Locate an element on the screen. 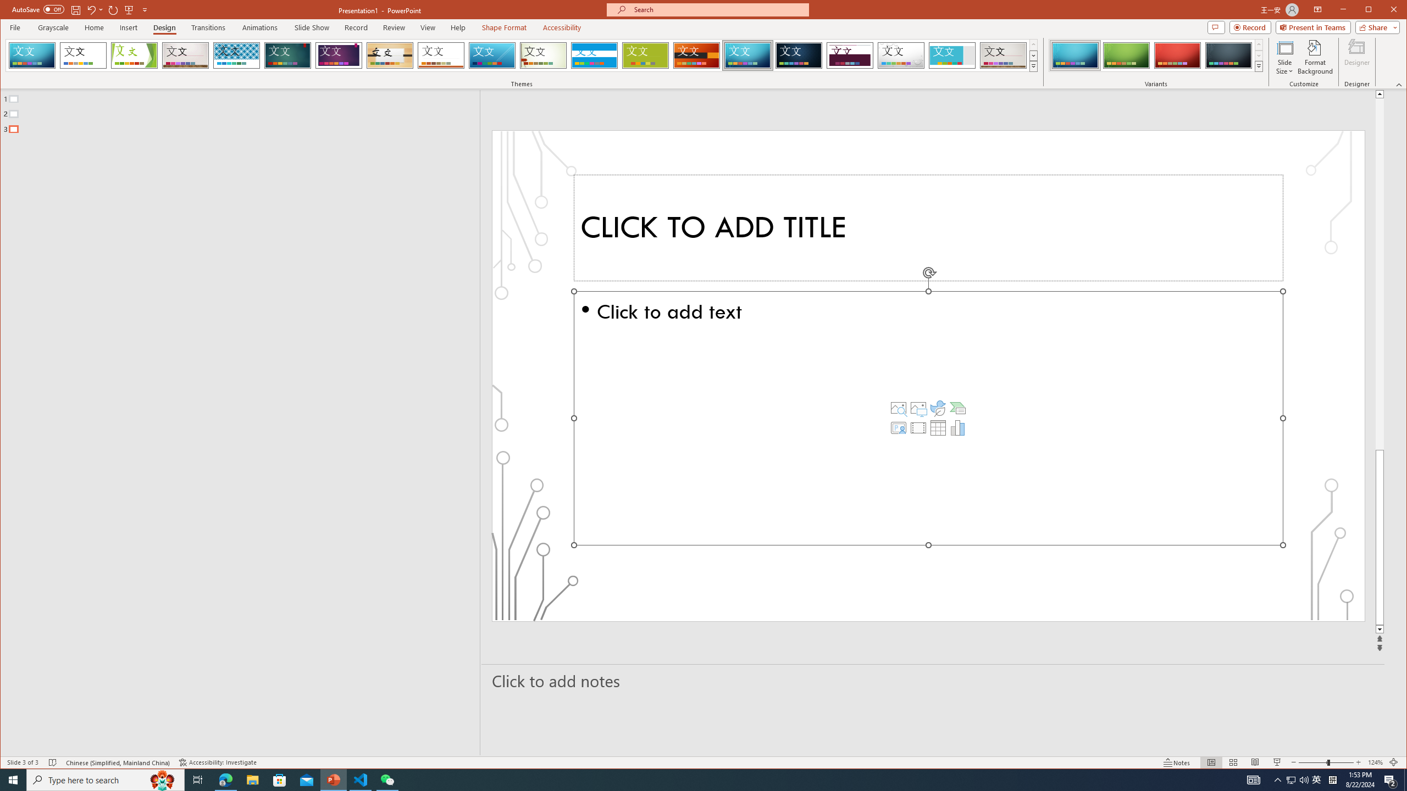  'Facet' is located at coordinates (134, 55).